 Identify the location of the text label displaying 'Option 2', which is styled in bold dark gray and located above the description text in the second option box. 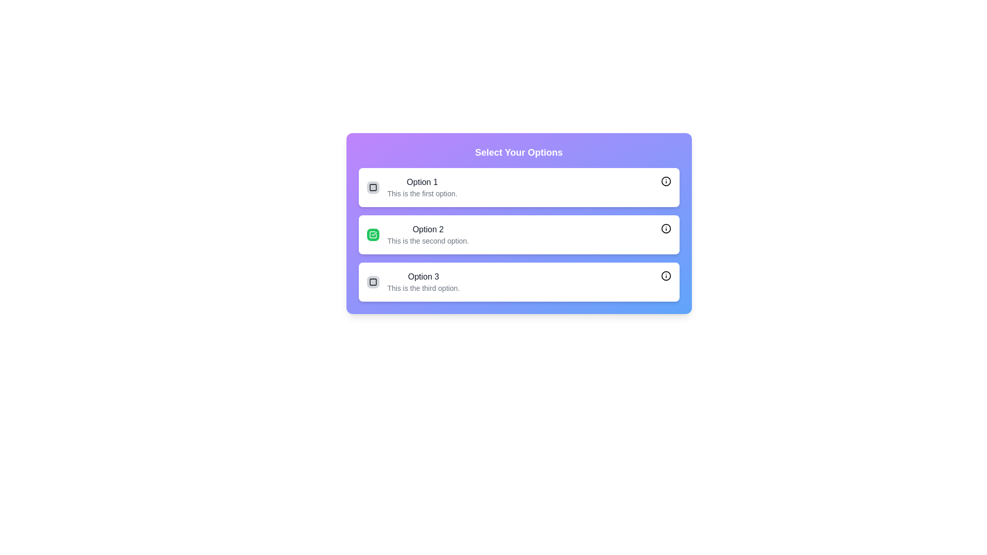
(428, 229).